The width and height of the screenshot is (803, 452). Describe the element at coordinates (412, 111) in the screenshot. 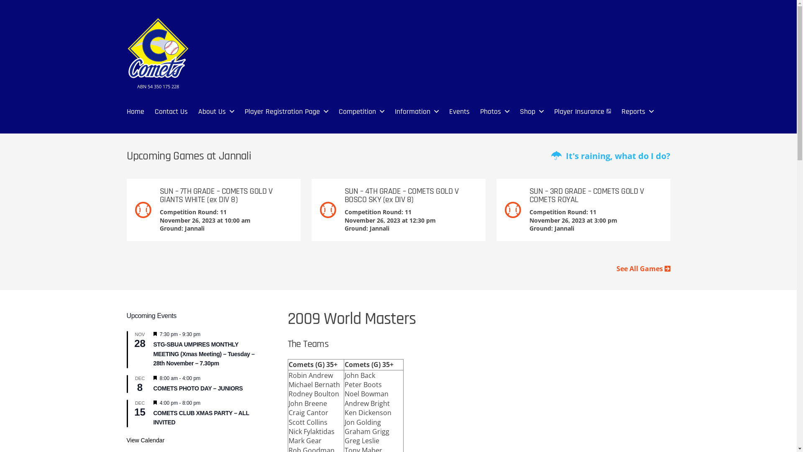

I see `'Information'` at that location.